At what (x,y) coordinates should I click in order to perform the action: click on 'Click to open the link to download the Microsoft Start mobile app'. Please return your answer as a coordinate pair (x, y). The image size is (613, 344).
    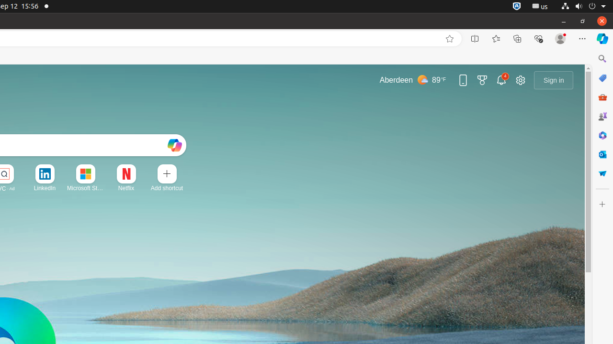
    Looking at the image, I should click on (463, 79).